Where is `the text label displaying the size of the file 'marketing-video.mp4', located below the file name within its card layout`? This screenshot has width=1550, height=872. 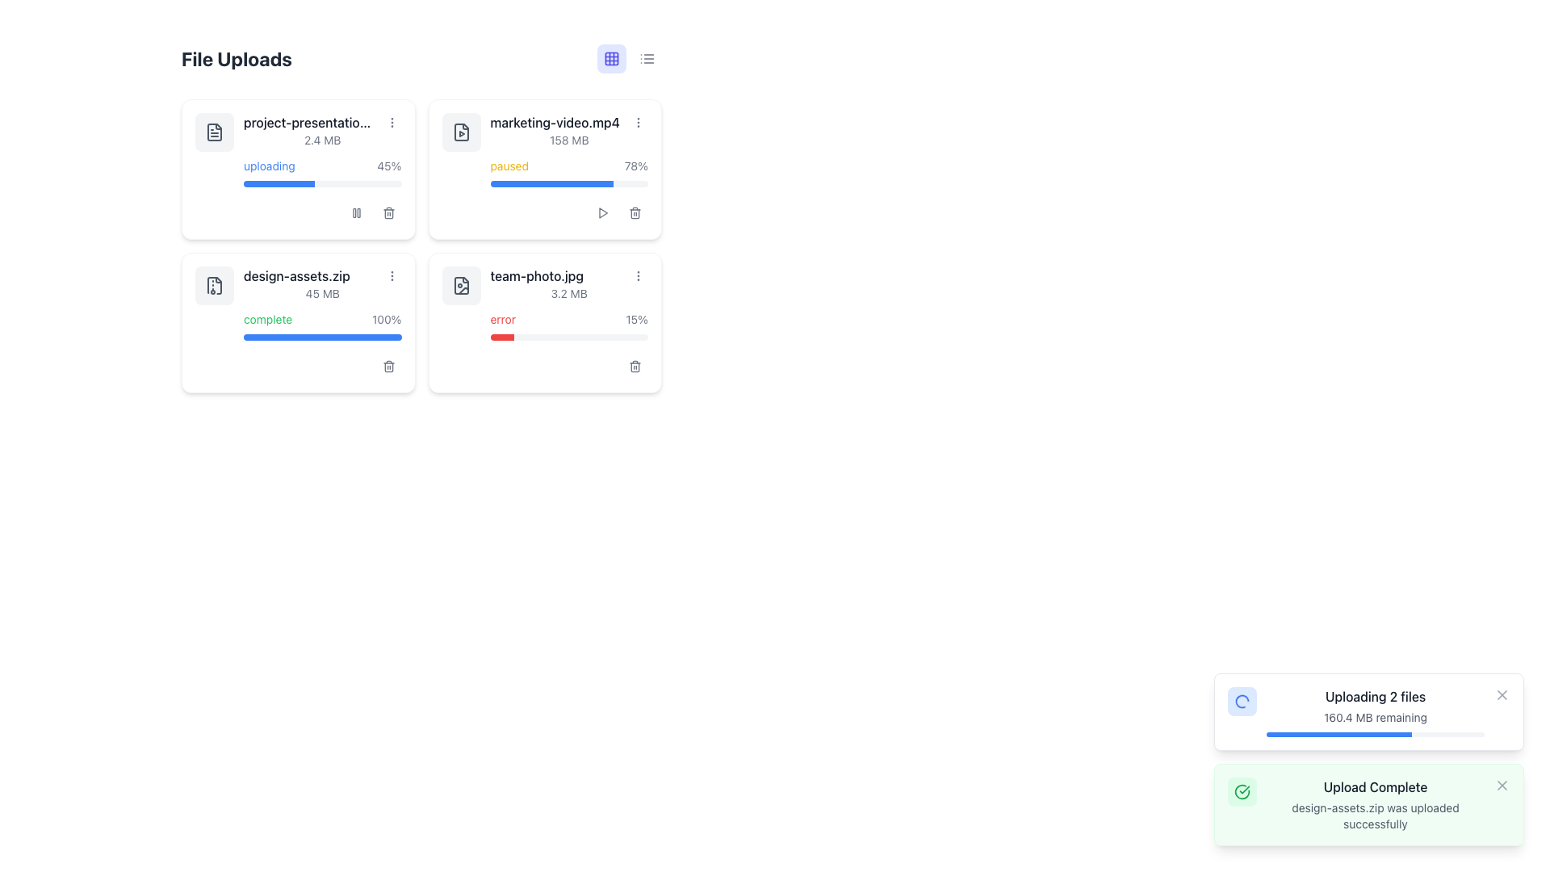
the text label displaying the size of the file 'marketing-video.mp4', located below the file name within its card layout is located at coordinates (569, 139).